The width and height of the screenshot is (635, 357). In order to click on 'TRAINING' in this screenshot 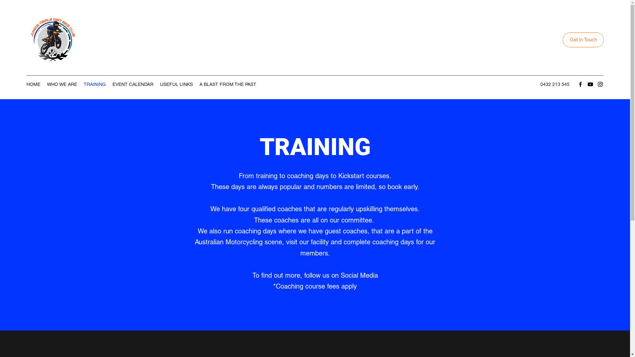, I will do `click(94, 84)`.